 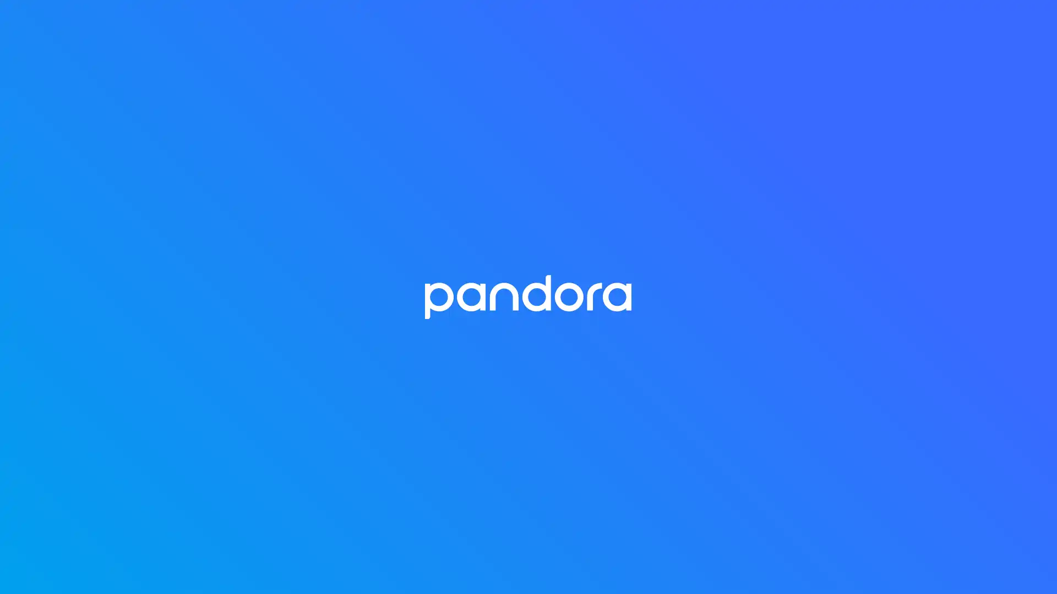 What do you see at coordinates (912, 443) in the screenshot?
I see `32:54` at bounding box center [912, 443].